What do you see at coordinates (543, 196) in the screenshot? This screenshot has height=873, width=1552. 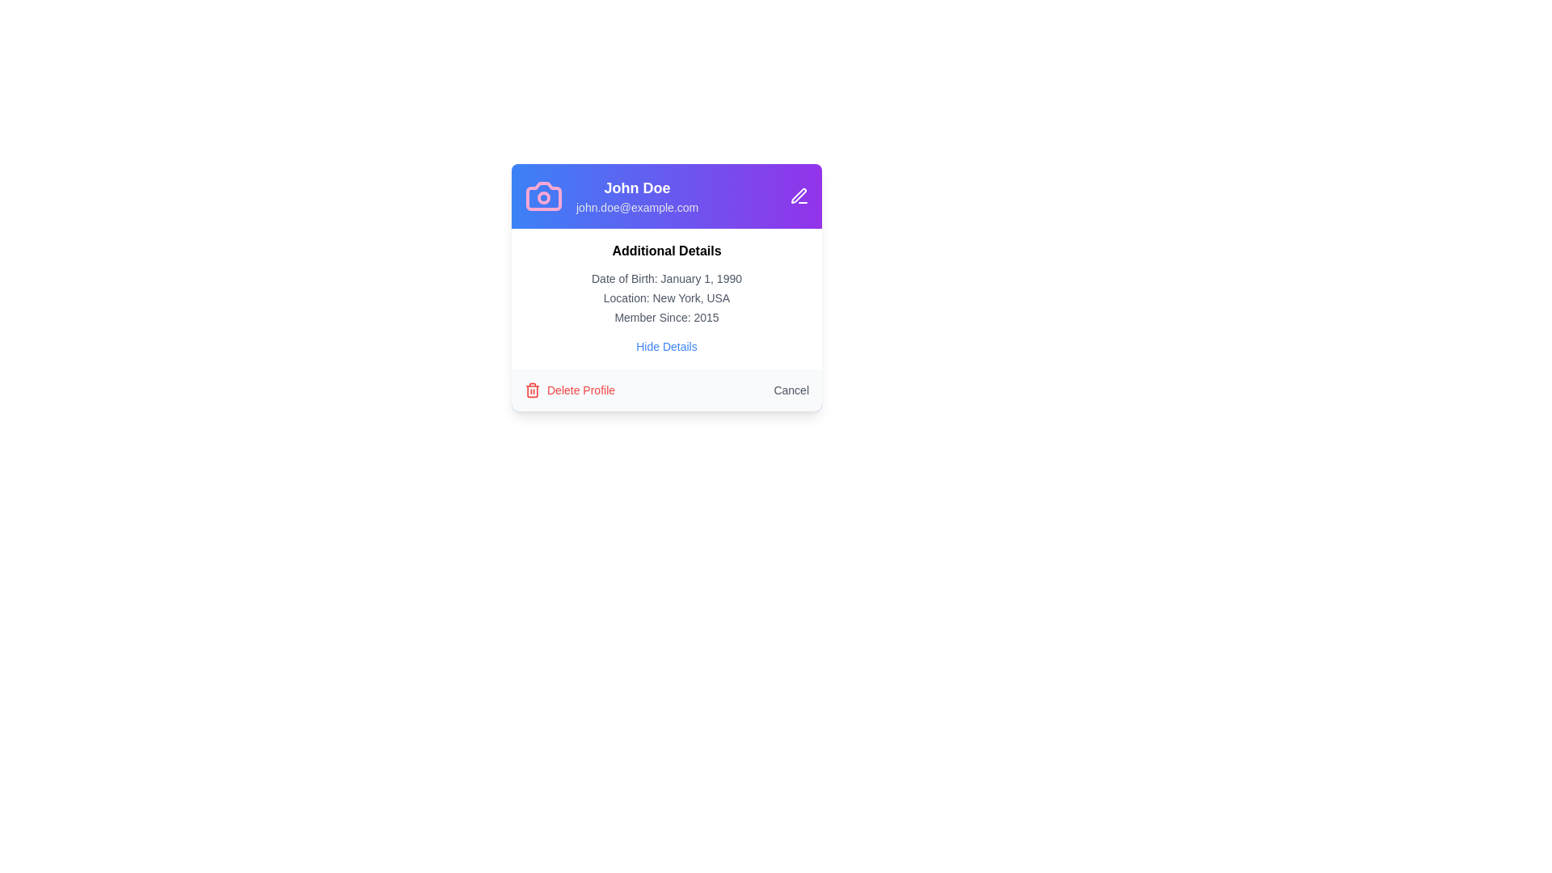 I see `the camera/profile picture icon located in the top-left corner of the user profile header, which symbolizes the profile picture functionality` at bounding box center [543, 196].